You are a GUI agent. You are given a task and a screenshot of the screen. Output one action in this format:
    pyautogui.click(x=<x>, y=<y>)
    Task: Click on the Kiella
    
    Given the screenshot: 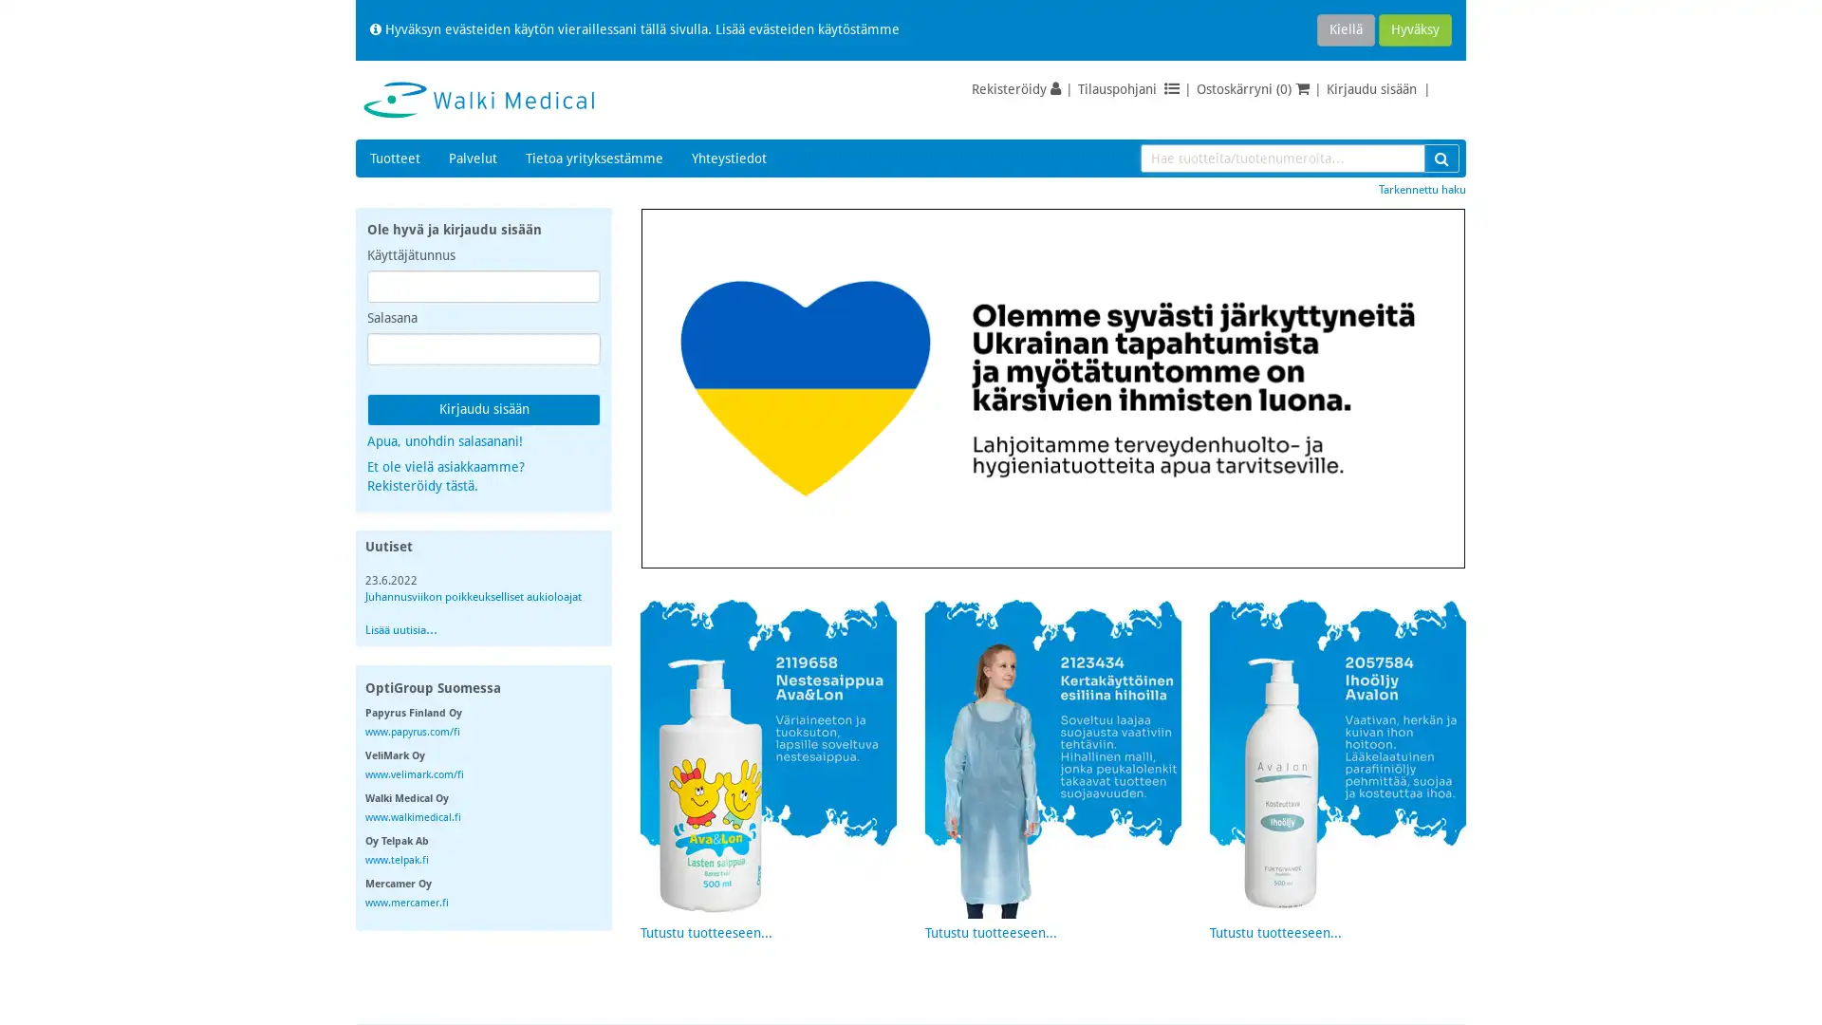 What is the action you would take?
    pyautogui.click(x=1345, y=29)
    